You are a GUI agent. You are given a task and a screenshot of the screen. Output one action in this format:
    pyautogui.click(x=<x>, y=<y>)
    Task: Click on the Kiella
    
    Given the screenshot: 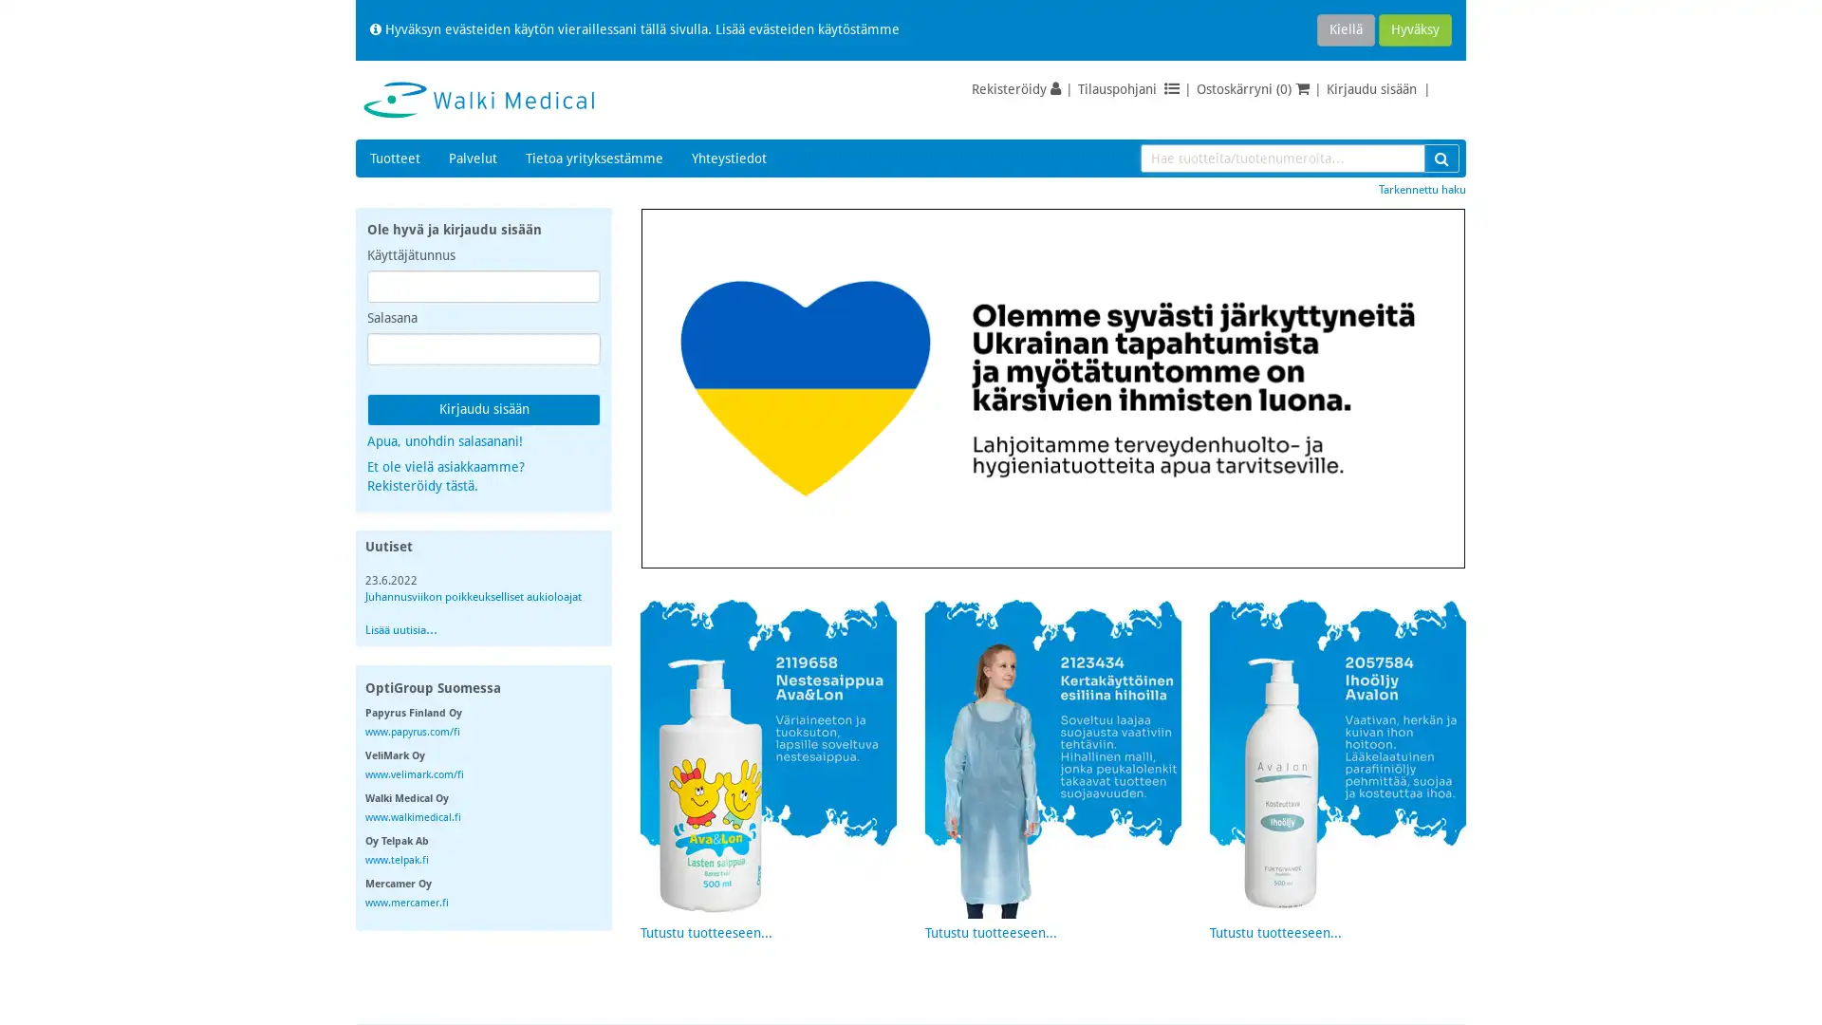 What is the action you would take?
    pyautogui.click(x=1345, y=29)
    